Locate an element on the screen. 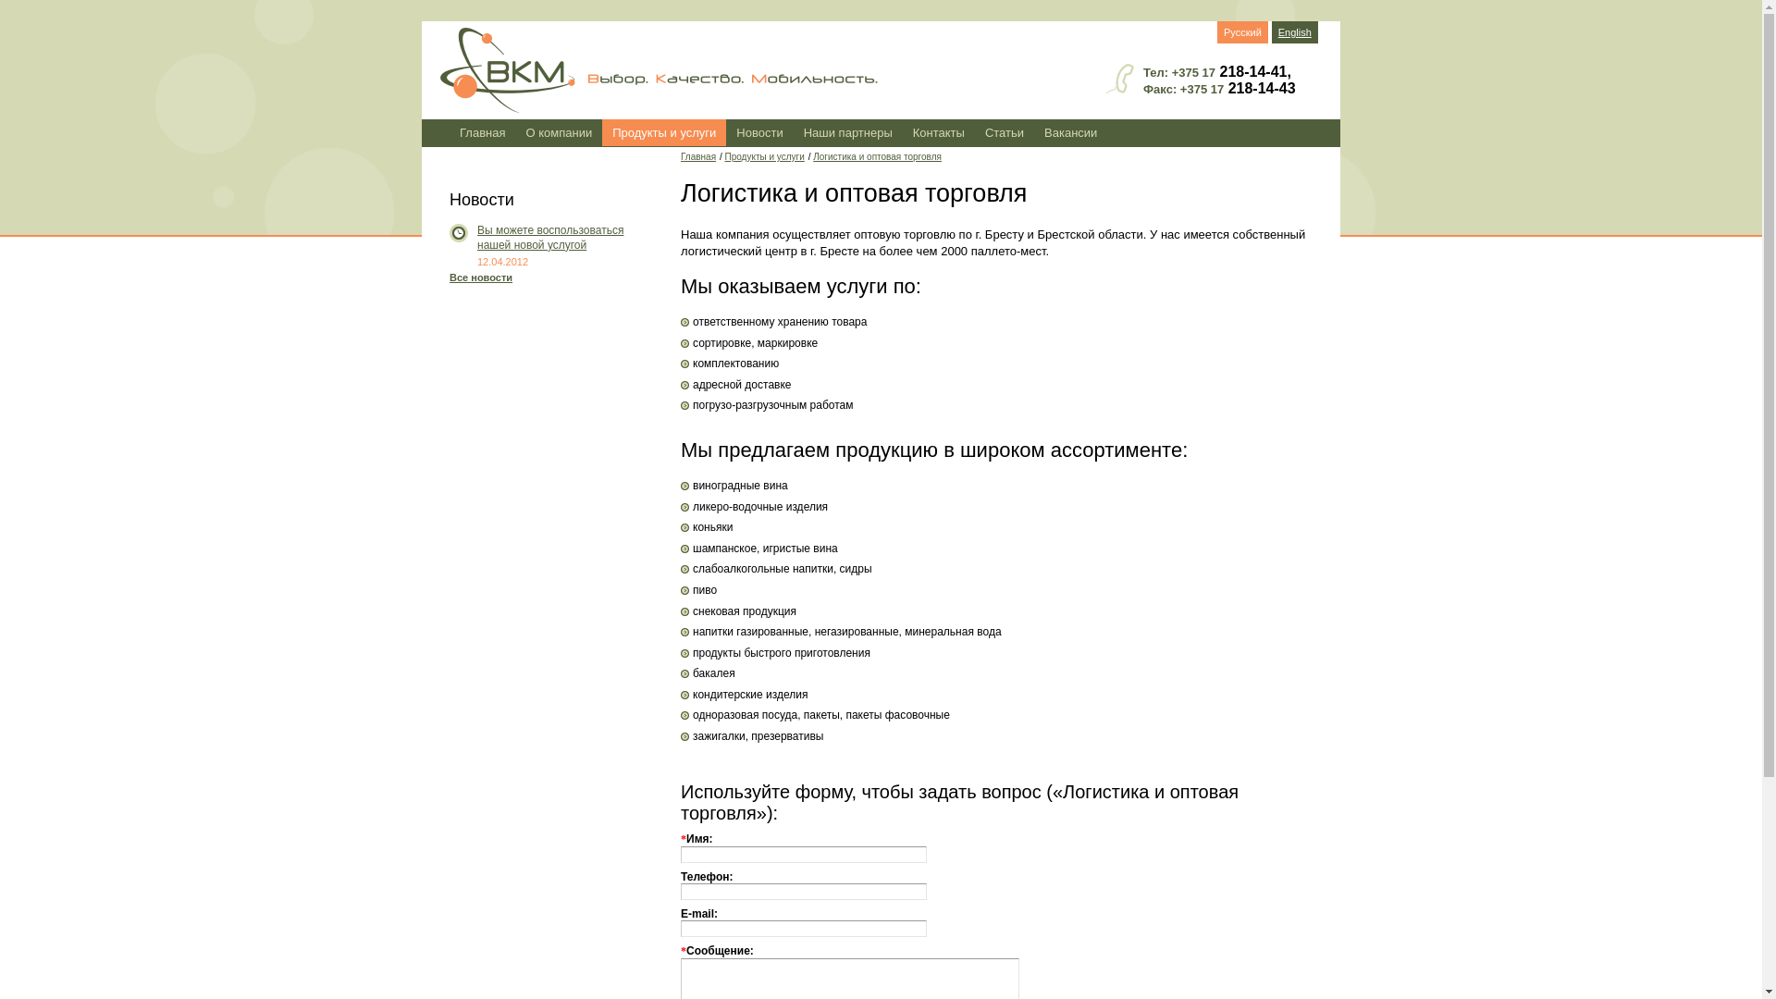  'English' is located at coordinates (1294, 31).